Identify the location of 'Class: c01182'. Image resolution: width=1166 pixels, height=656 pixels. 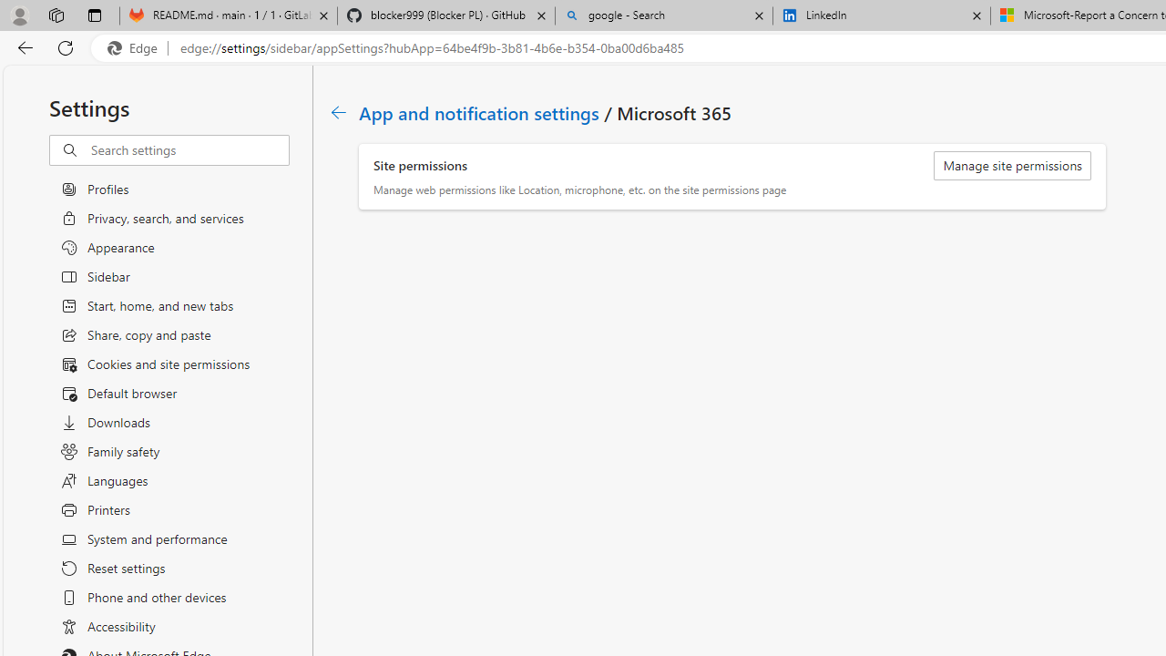
(338, 112).